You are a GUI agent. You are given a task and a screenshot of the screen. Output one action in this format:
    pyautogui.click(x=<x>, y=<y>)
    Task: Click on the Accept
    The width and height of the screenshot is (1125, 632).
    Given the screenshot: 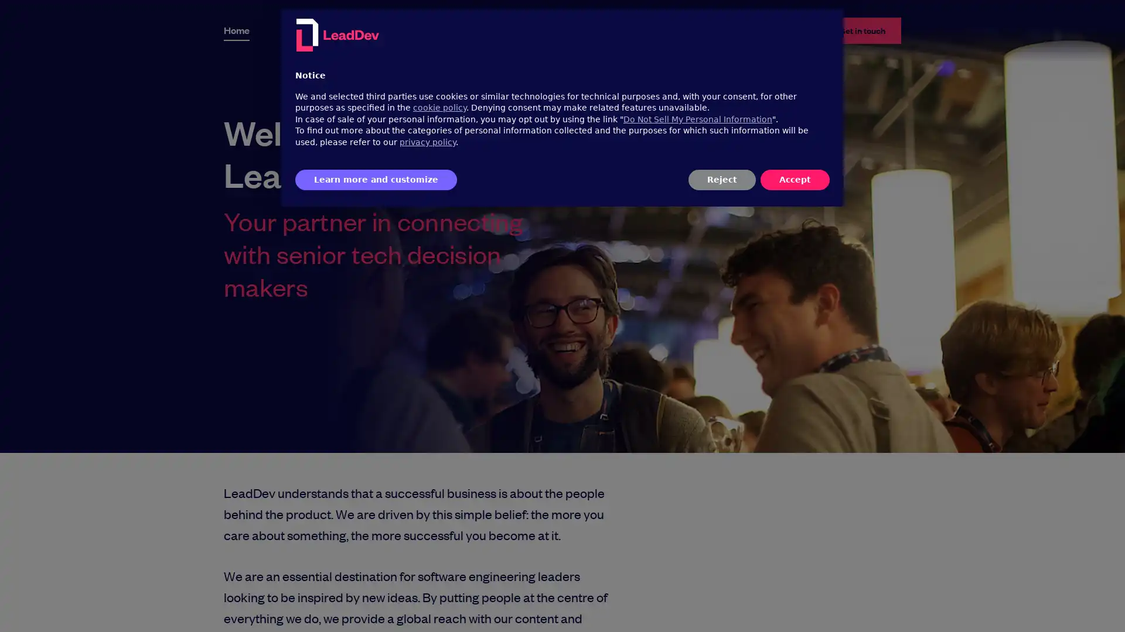 What is the action you would take?
    pyautogui.click(x=795, y=180)
    